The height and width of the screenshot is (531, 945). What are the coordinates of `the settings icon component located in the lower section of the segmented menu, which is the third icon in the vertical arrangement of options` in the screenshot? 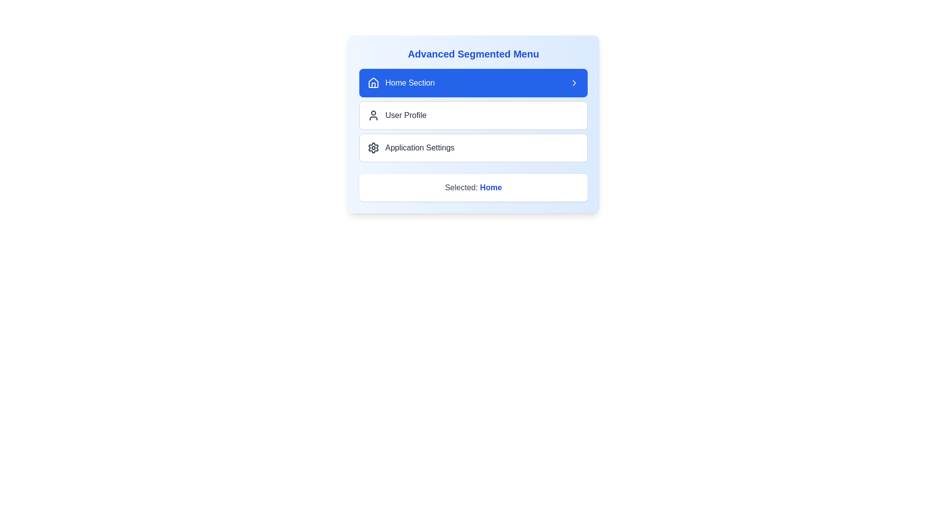 It's located at (373, 147).